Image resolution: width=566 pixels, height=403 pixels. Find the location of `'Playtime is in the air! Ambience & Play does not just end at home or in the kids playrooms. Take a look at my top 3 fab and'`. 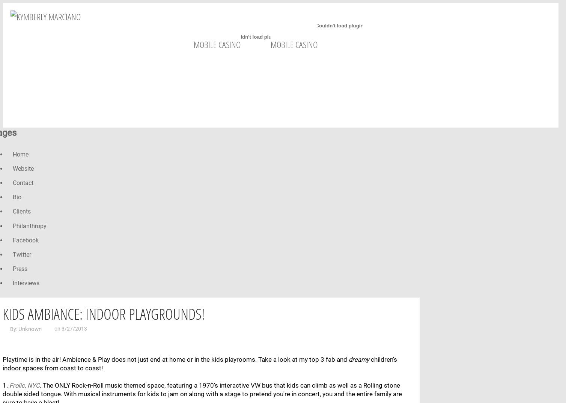

'Playtime is in the air! Ambience & Play does not just end at home or in the kids playrooms. Take a look at my top 3 fab and' is located at coordinates (175, 359).